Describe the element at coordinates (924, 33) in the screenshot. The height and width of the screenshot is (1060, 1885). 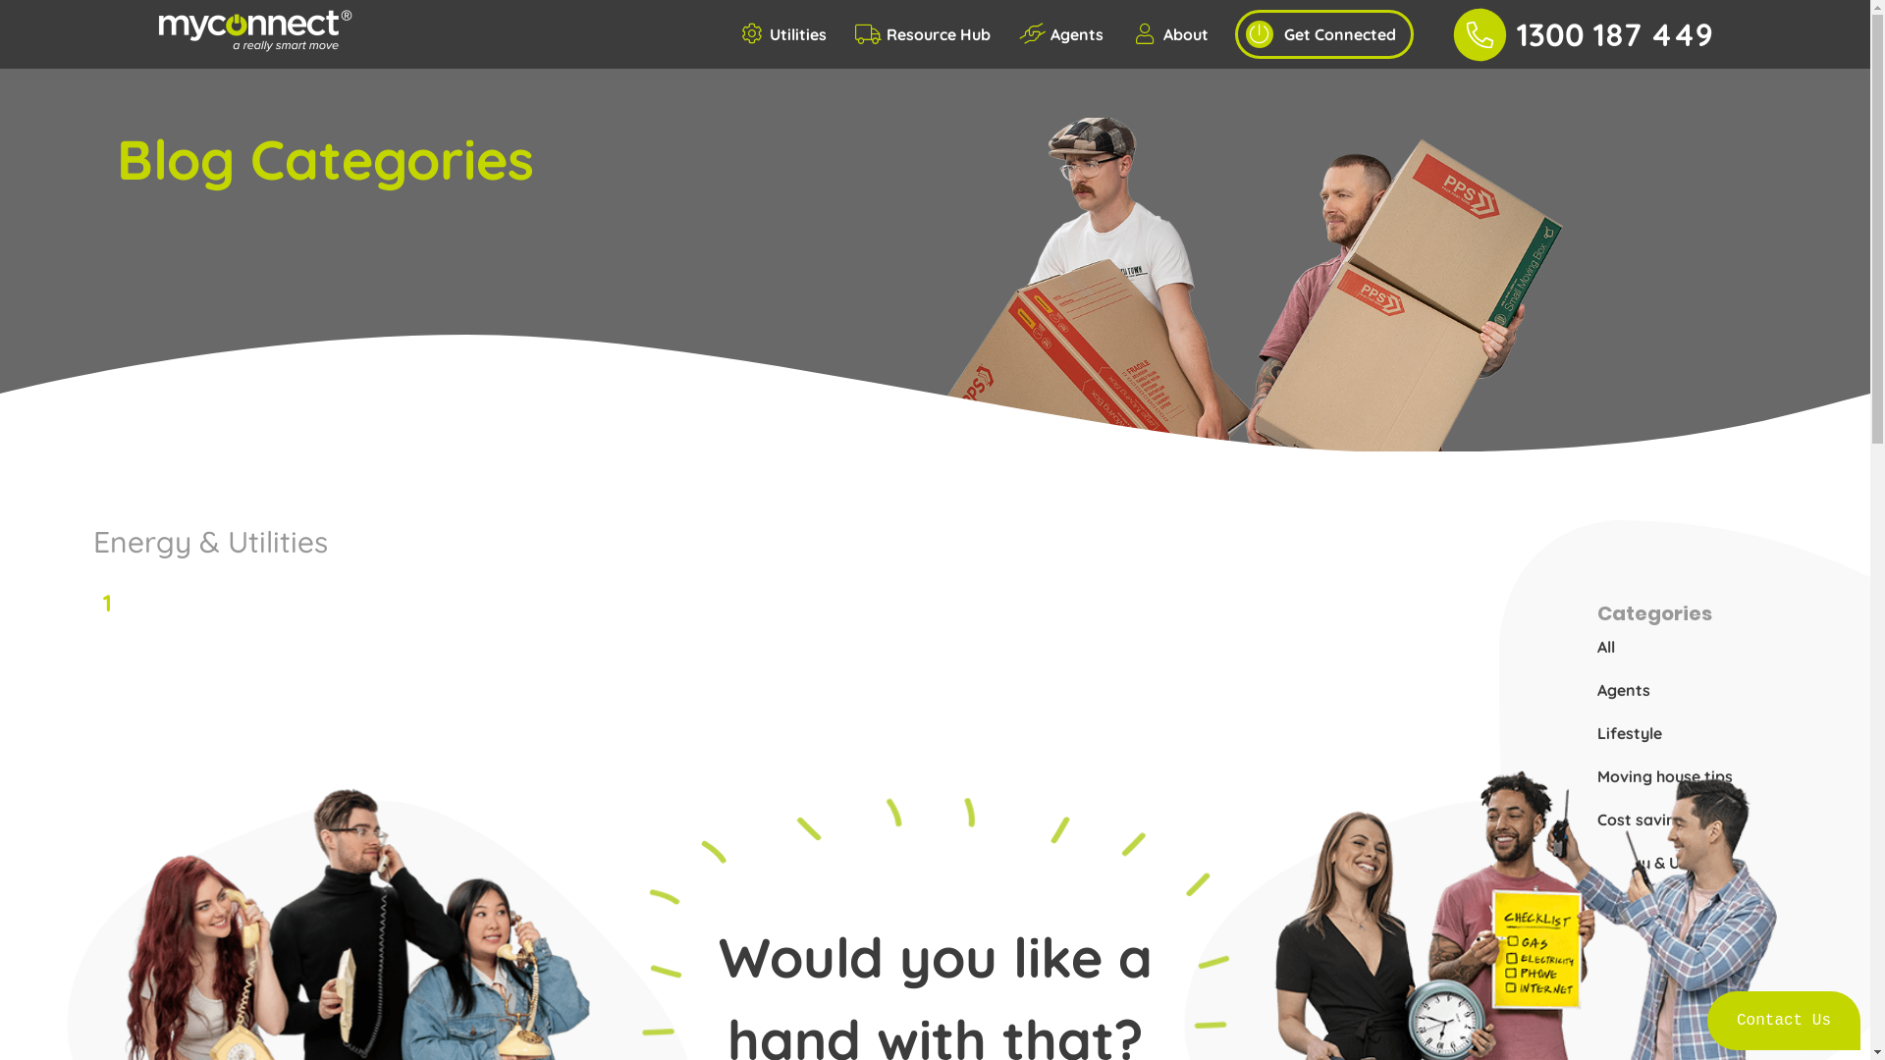
I see `'Resource Hub'` at that location.